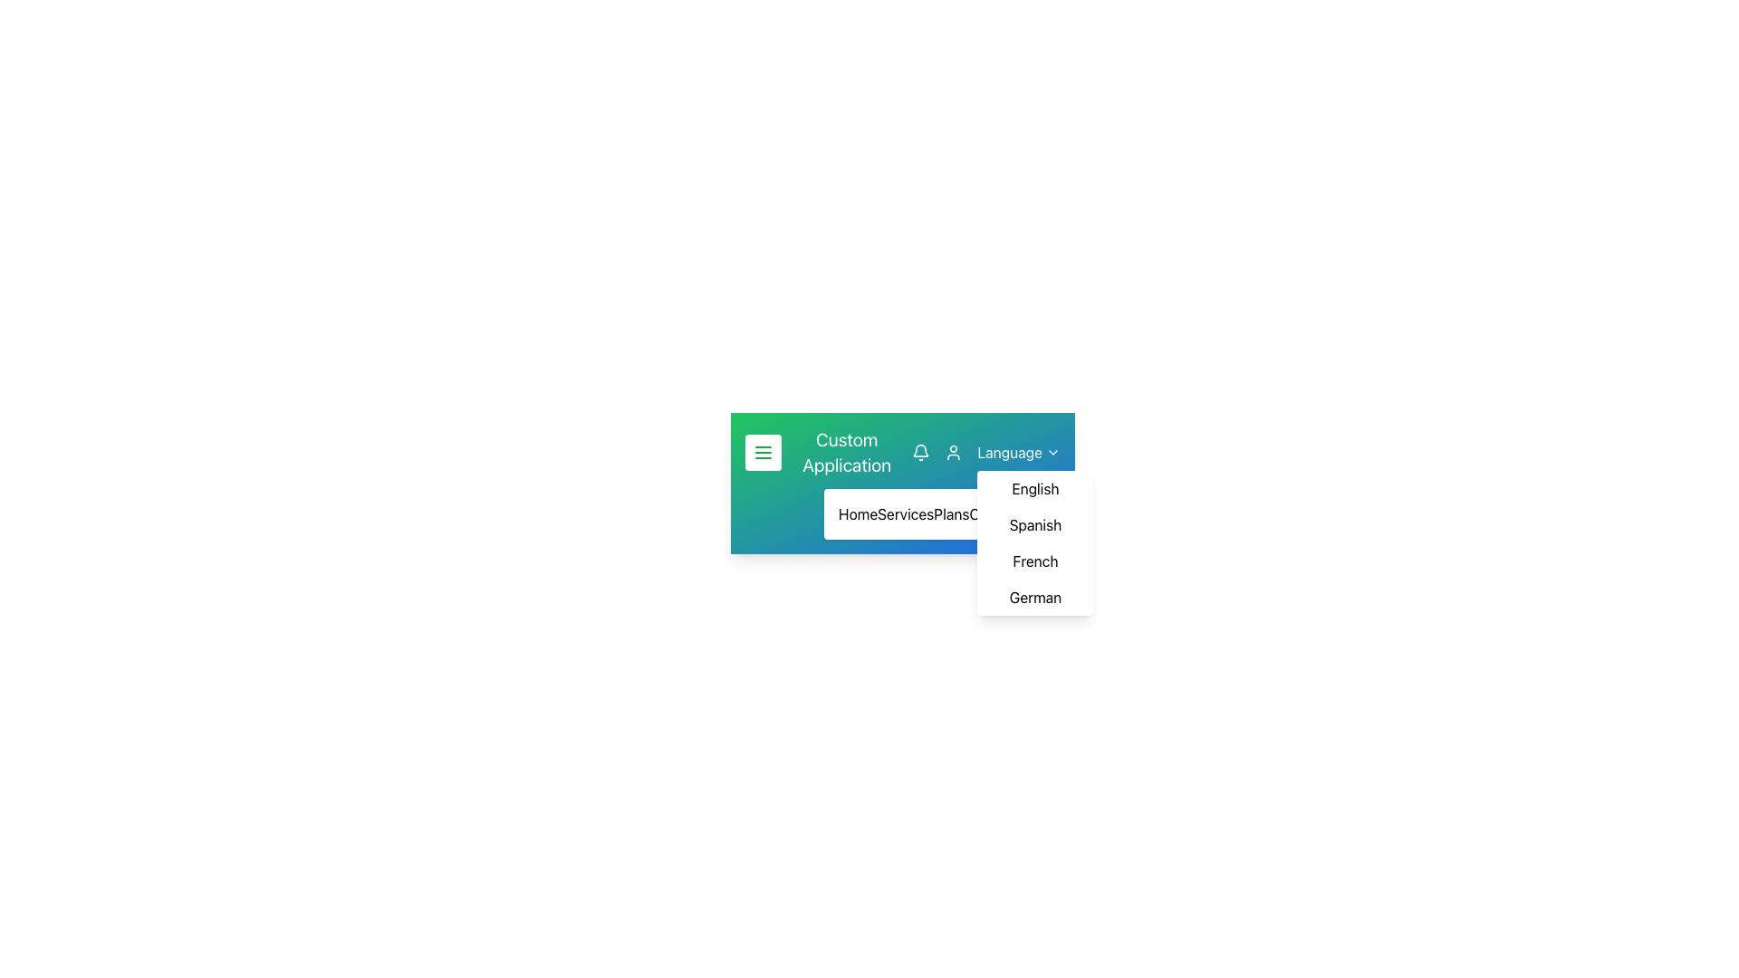 This screenshot has width=1739, height=978. I want to click on the 'Language' dropdown menu located at the top-right corner of the interface, so click(1018, 452).